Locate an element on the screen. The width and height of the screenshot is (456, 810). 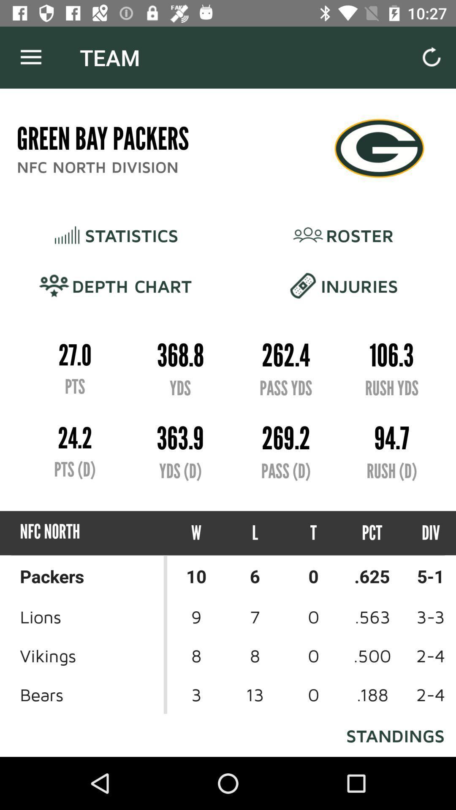
item below the rush (d) is located at coordinates (423, 532).